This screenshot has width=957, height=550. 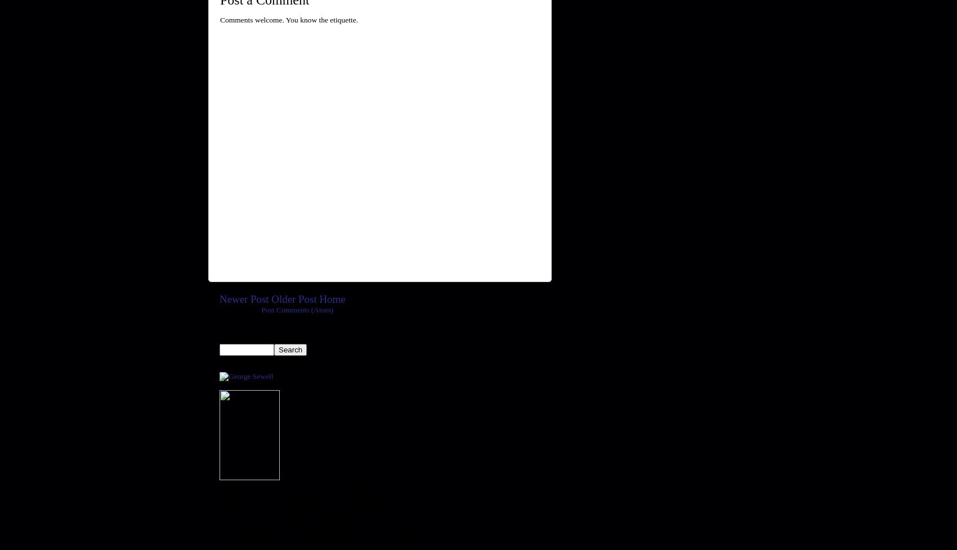 I want to click on 'Cognitive Philanthropist', so click(x=218, y=385).